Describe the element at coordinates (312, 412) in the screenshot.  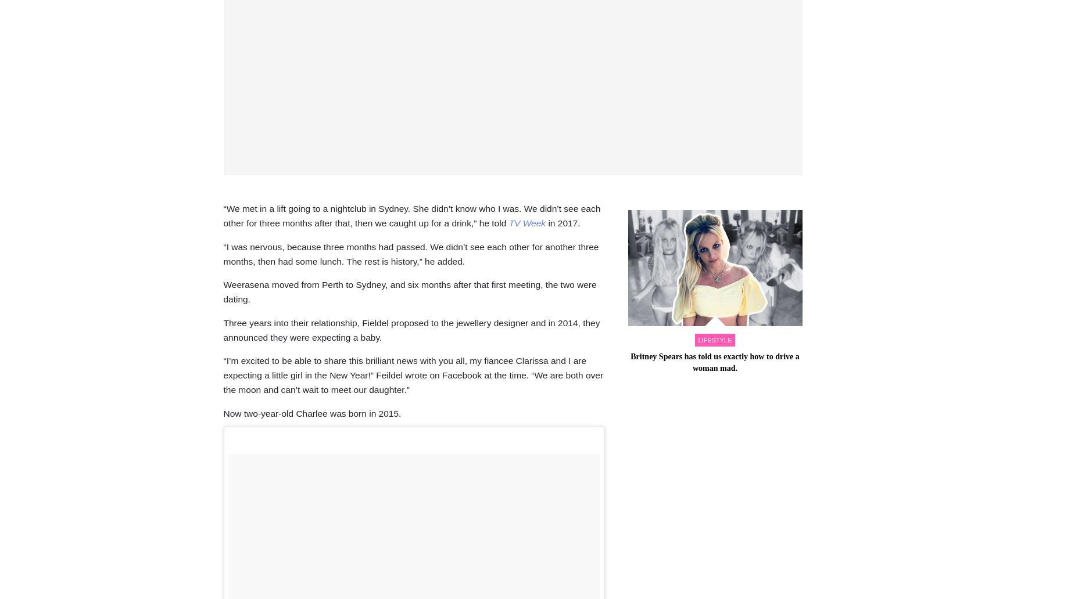
I see `'Now two-year-old Charlee was born in 2015.'` at that location.